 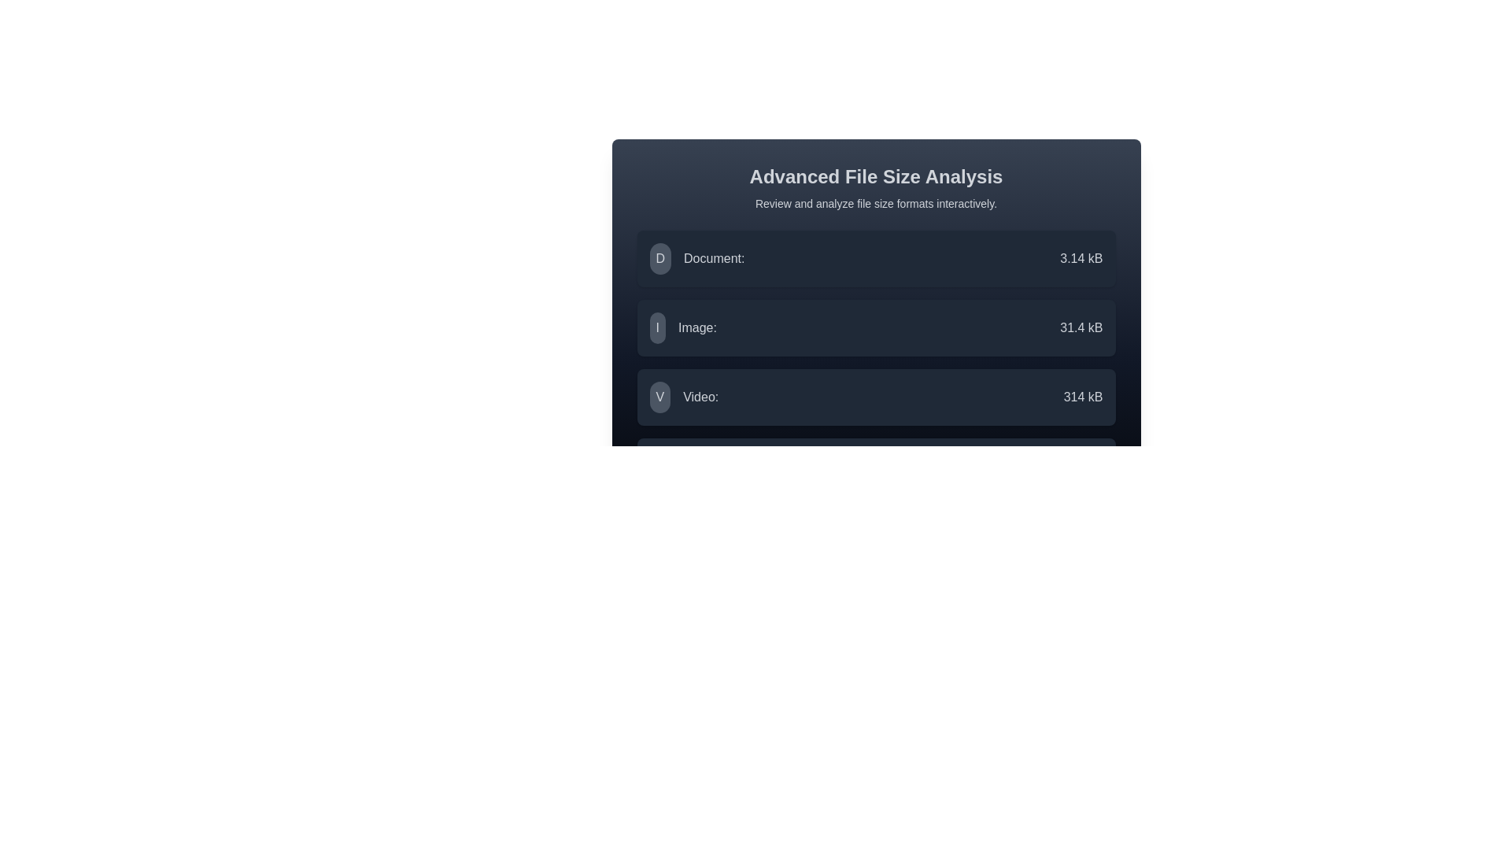 What do you see at coordinates (875, 327) in the screenshot?
I see `the informational list item labeled 'Image:' which displays the size '31.4 kB' for selection` at bounding box center [875, 327].